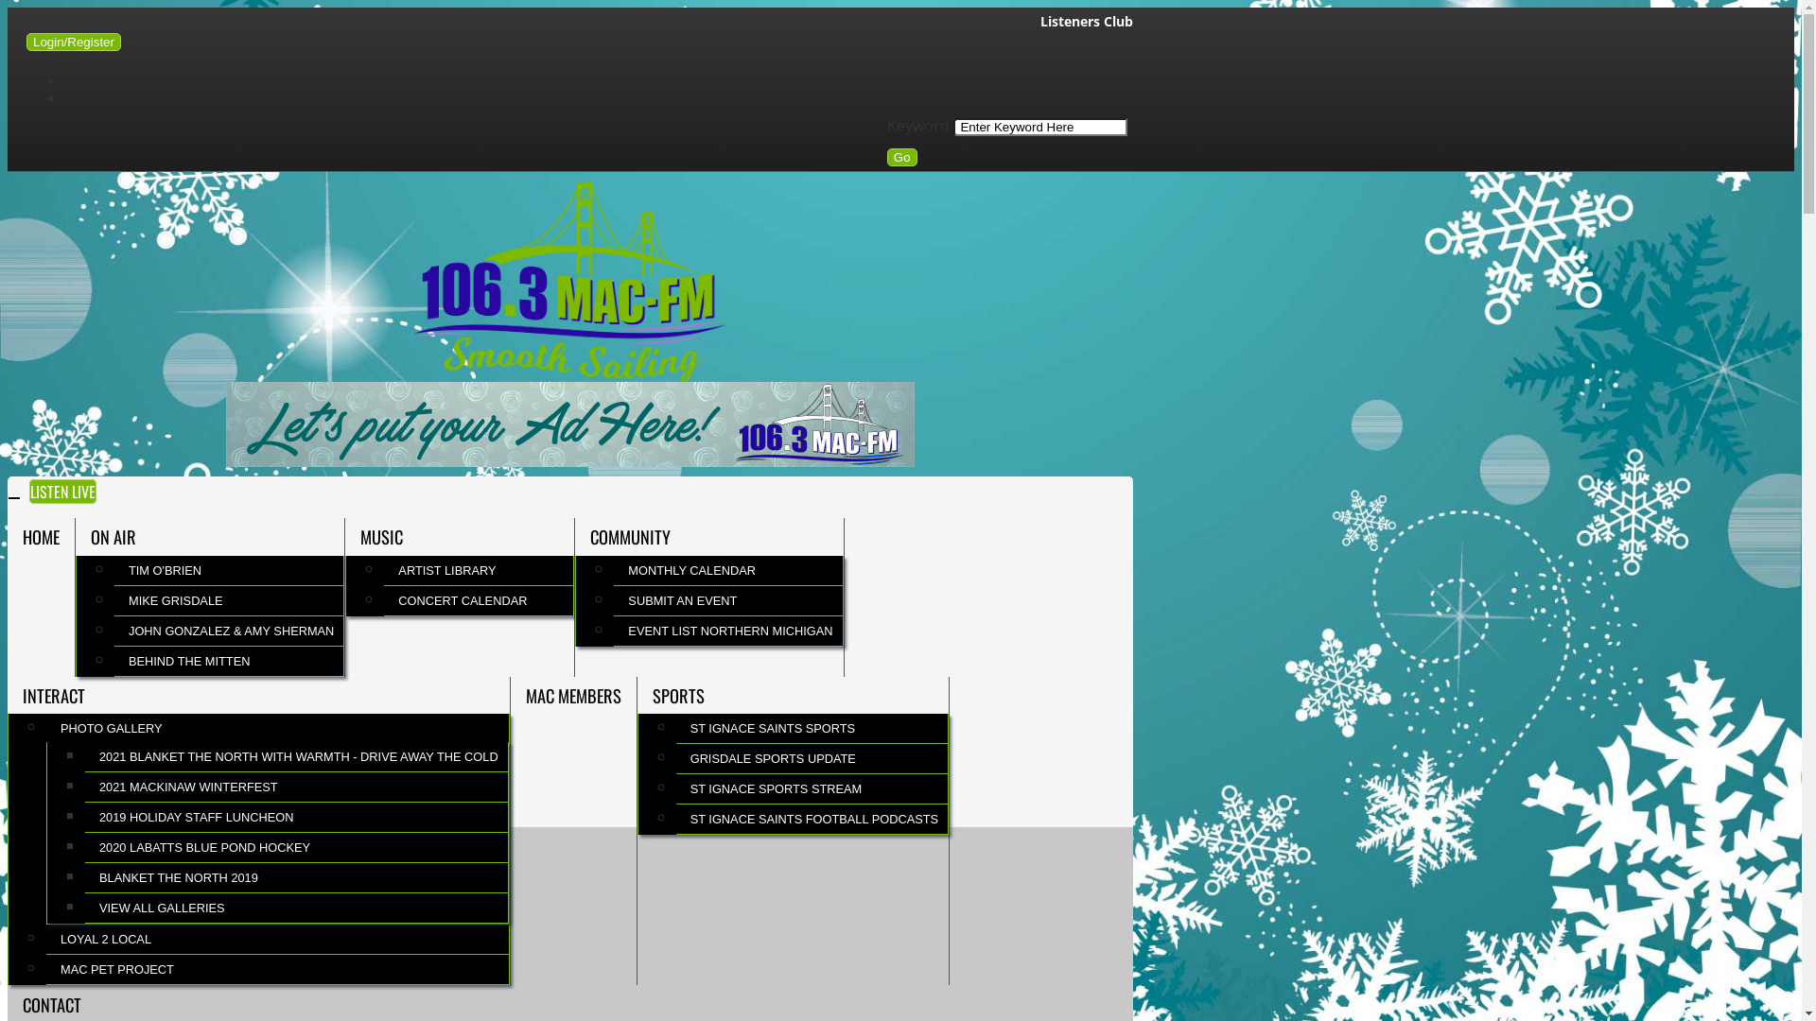 The width and height of the screenshot is (1816, 1021). Describe the element at coordinates (1039, 127) in the screenshot. I see `'Enter Keyword Here'` at that location.